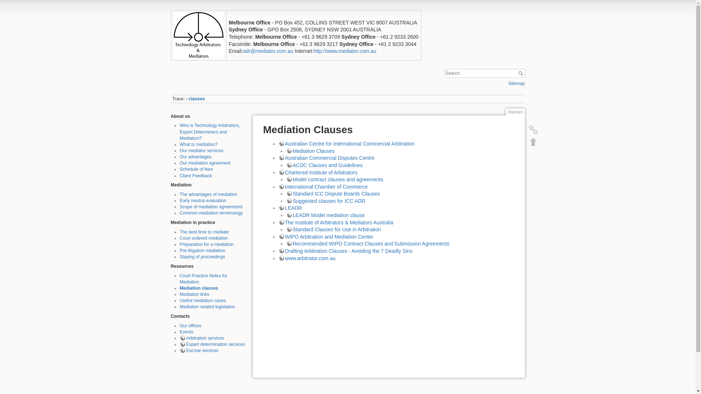 The image size is (701, 394). What do you see at coordinates (317, 172) in the screenshot?
I see `'Chartered Institute of Arbitrators'` at bounding box center [317, 172].